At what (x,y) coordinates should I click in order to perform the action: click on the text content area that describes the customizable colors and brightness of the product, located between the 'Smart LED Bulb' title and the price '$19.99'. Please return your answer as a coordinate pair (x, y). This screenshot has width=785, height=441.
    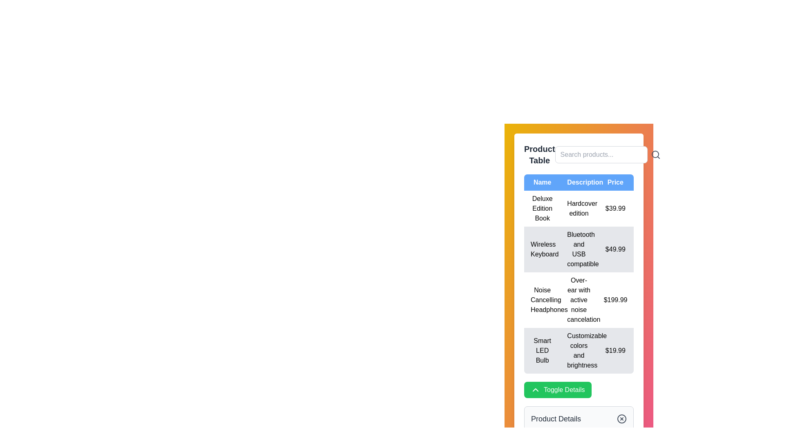
    Looking at the image, I should click on (579, 350).